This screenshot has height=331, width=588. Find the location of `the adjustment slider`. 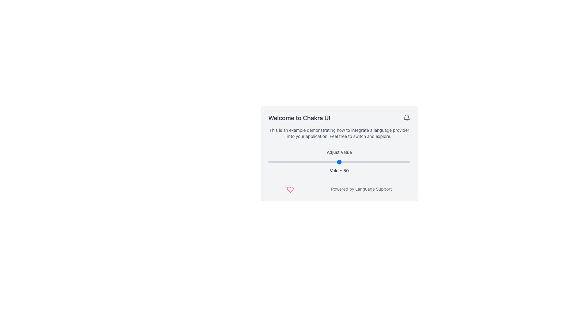

the adjustment slider is located at coordinates (278, 162).